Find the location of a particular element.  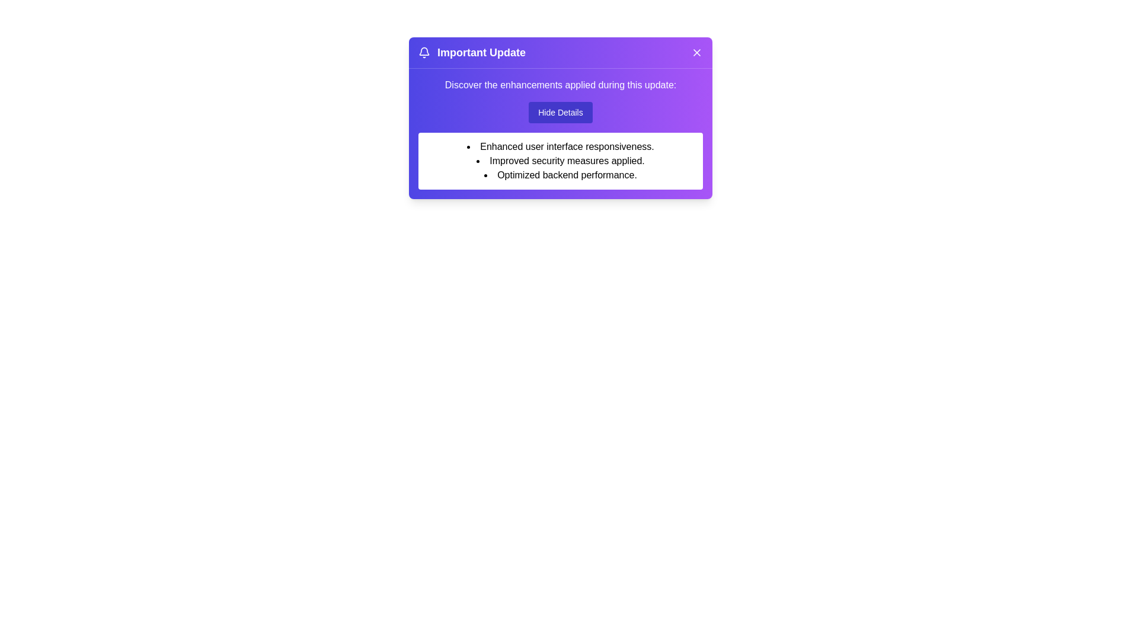

close button to dismiss the alert is located at coordinates (697, 52).